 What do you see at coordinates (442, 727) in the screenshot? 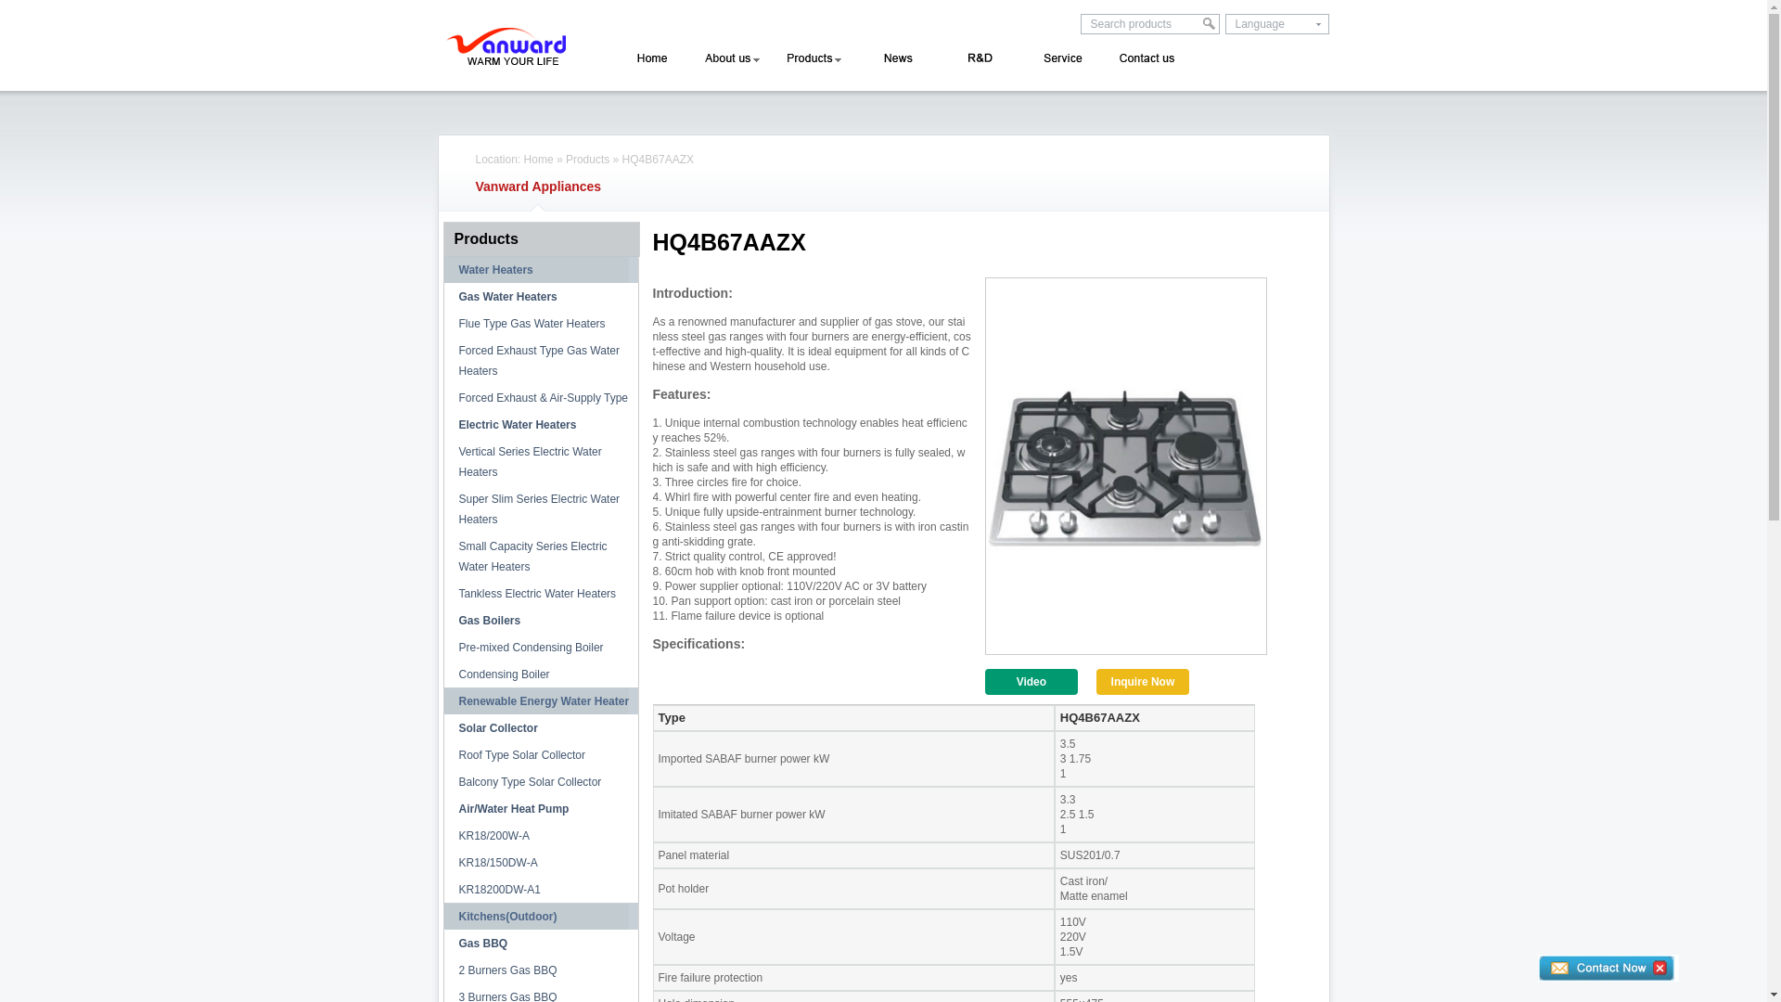
I see `'Solar Collector'` at bounding box center [442, 727].